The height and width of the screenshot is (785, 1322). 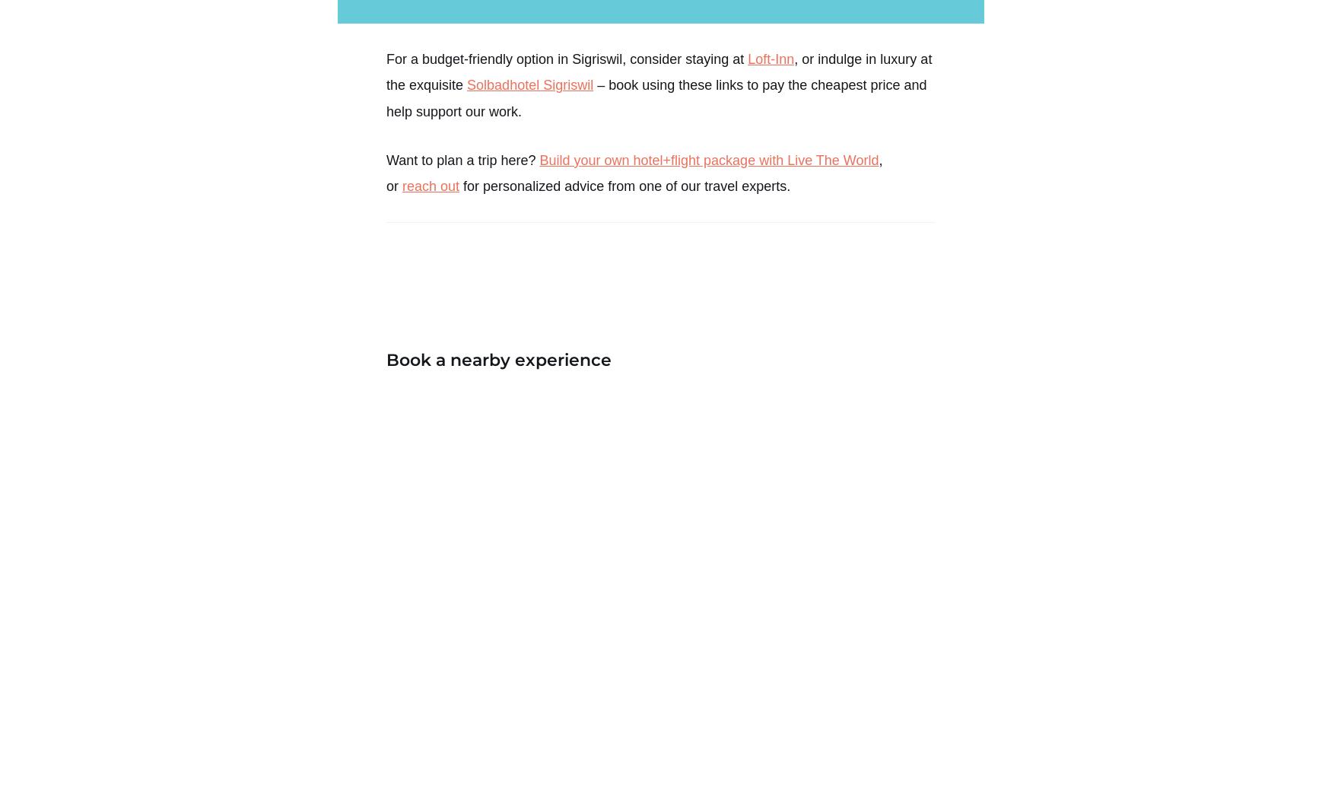 What do you see at coordinates (386, 172) in the screenshot?
I see `', or'` at bounding box center [386, 172].